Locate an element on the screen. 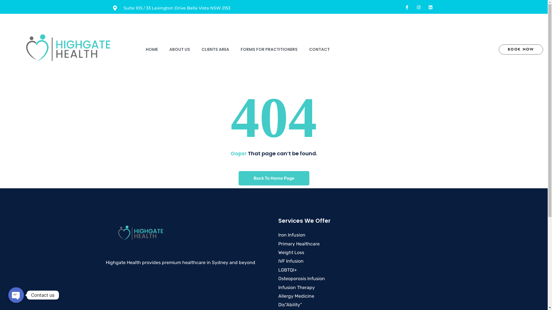  'Iron Infusion' is located at coordinates (292, 235).